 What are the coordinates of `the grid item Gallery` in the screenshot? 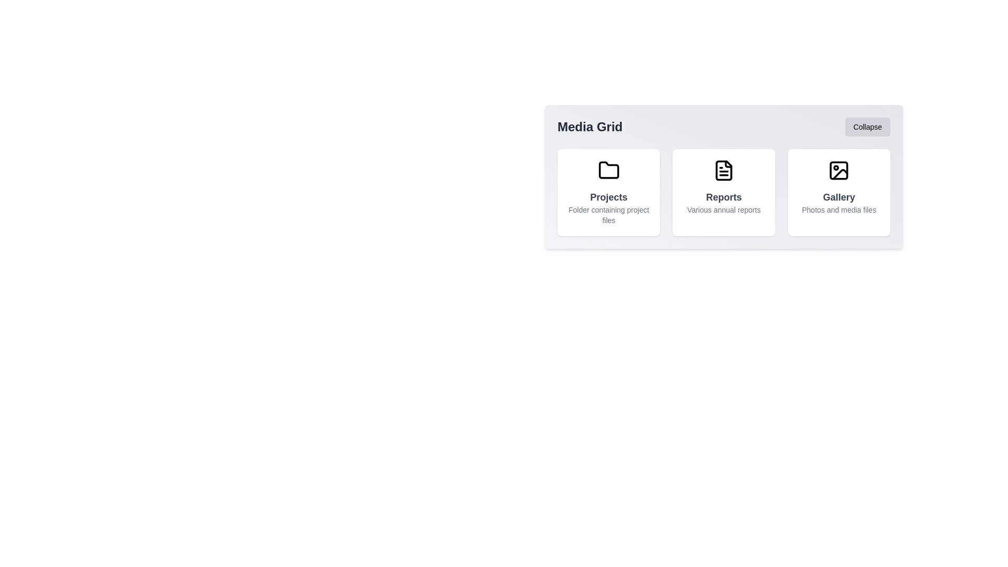 It's located at (838, 192).